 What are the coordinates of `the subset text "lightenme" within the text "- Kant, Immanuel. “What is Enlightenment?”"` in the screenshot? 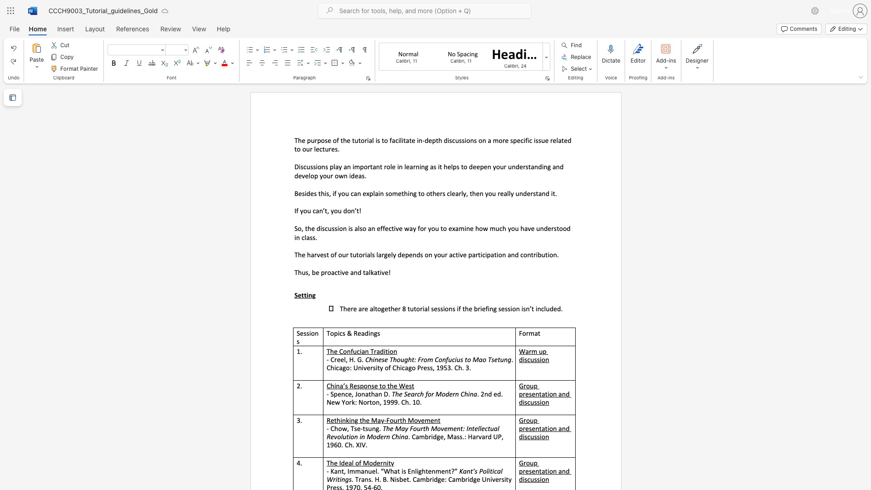 It's located at (414, 470).